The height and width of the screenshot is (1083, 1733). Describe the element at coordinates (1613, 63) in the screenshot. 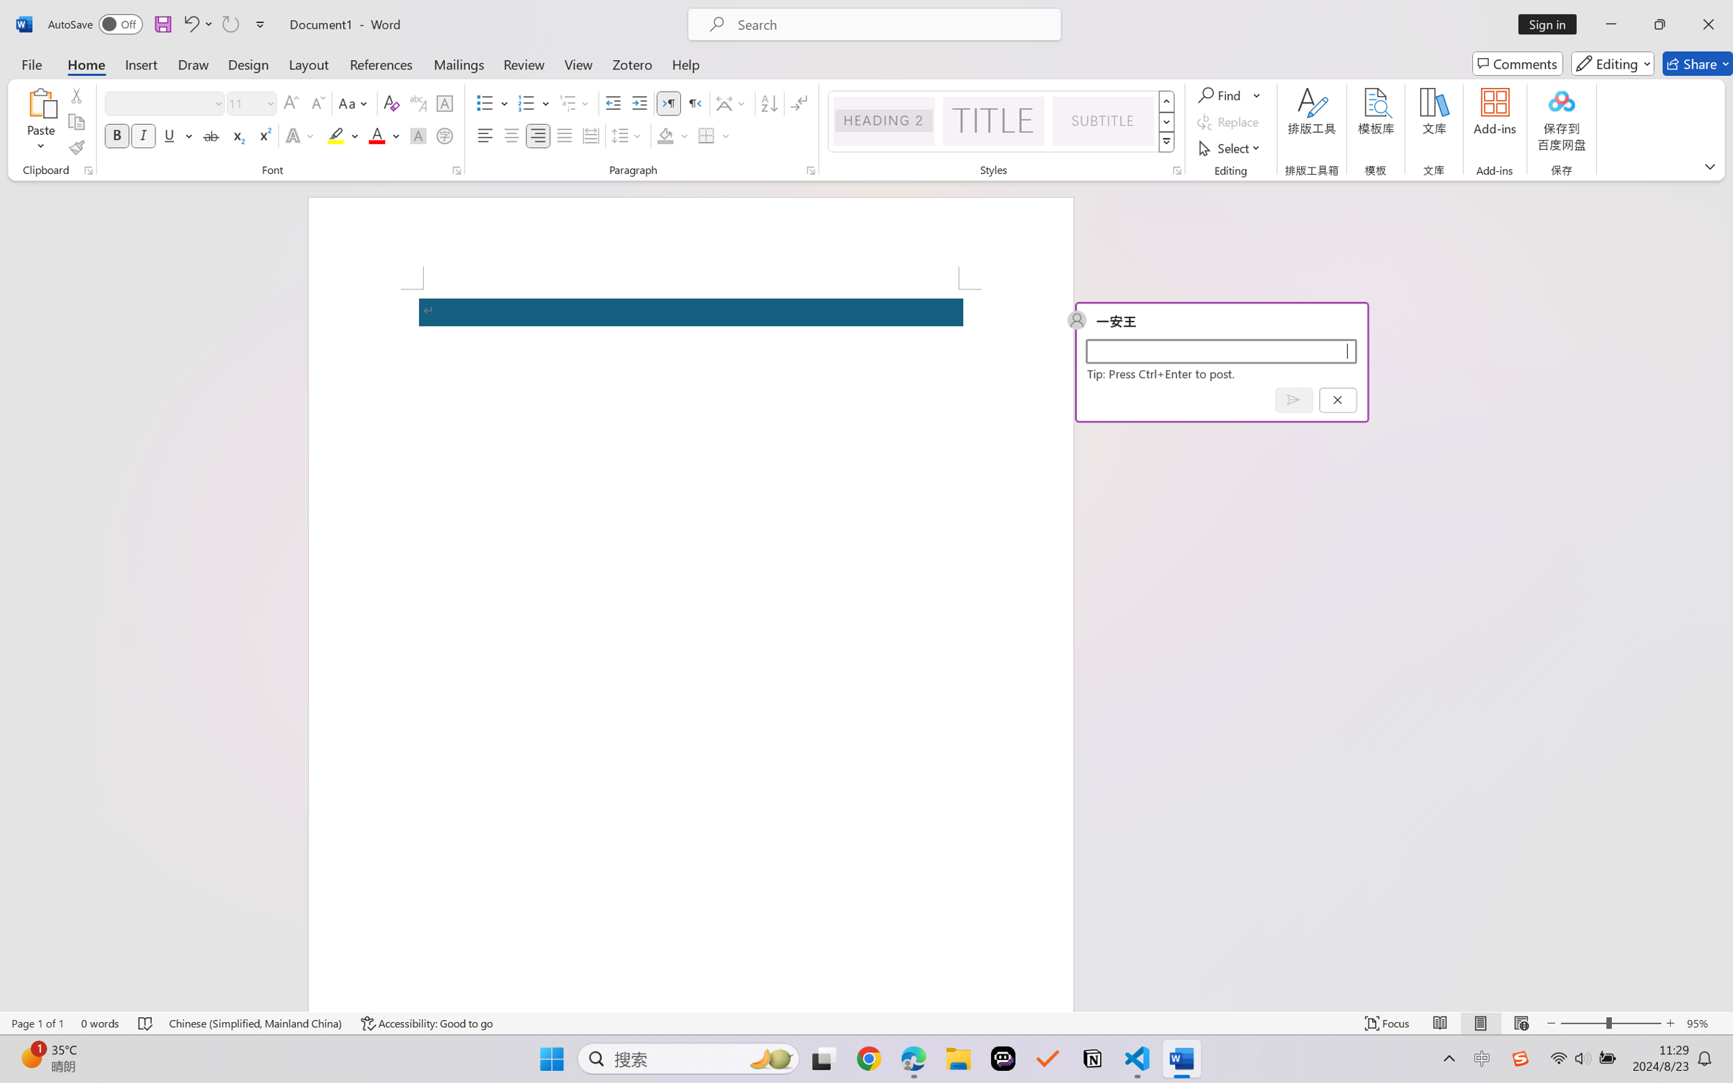

I see `'Editing'` at that location.